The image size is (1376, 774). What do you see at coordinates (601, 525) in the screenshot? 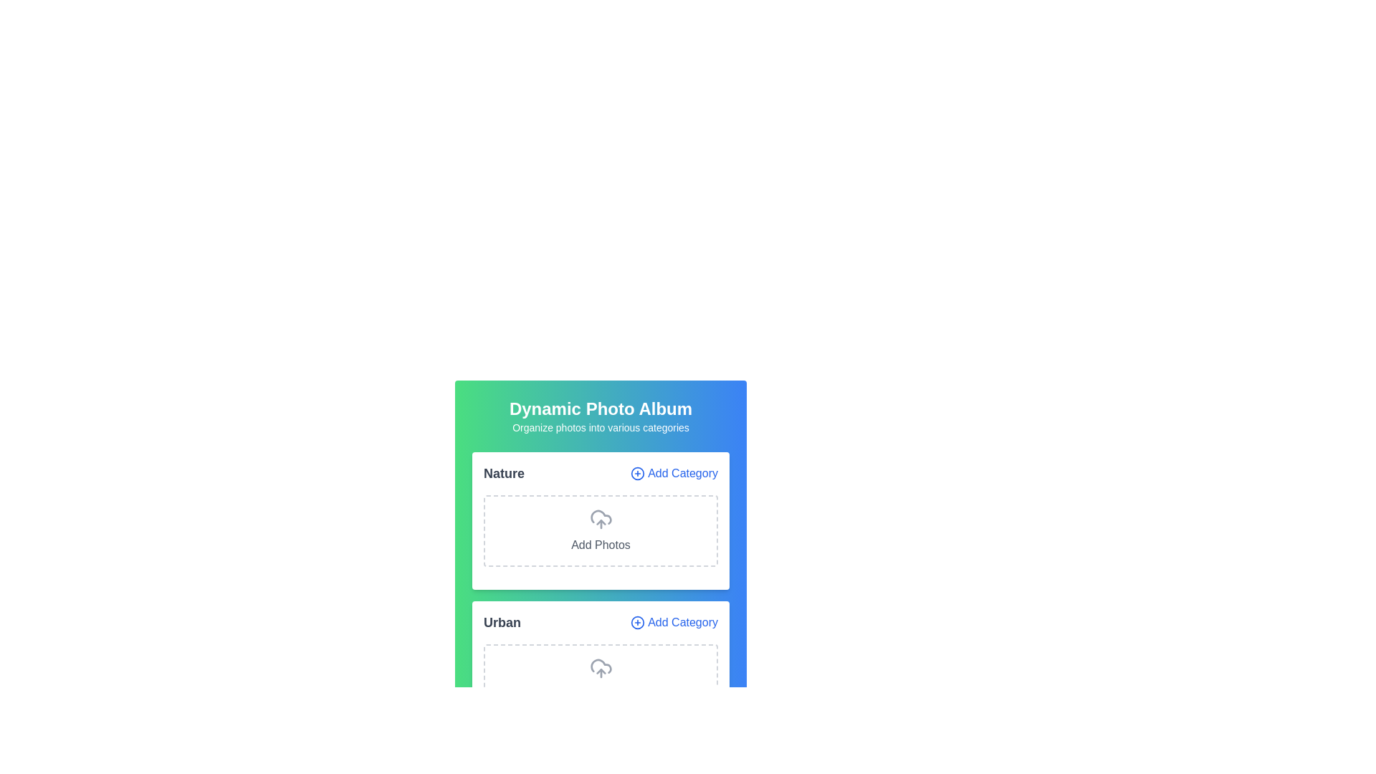
I see `the clickable upload button located below the 'Nature' heading` at bounding box center [601, 525].